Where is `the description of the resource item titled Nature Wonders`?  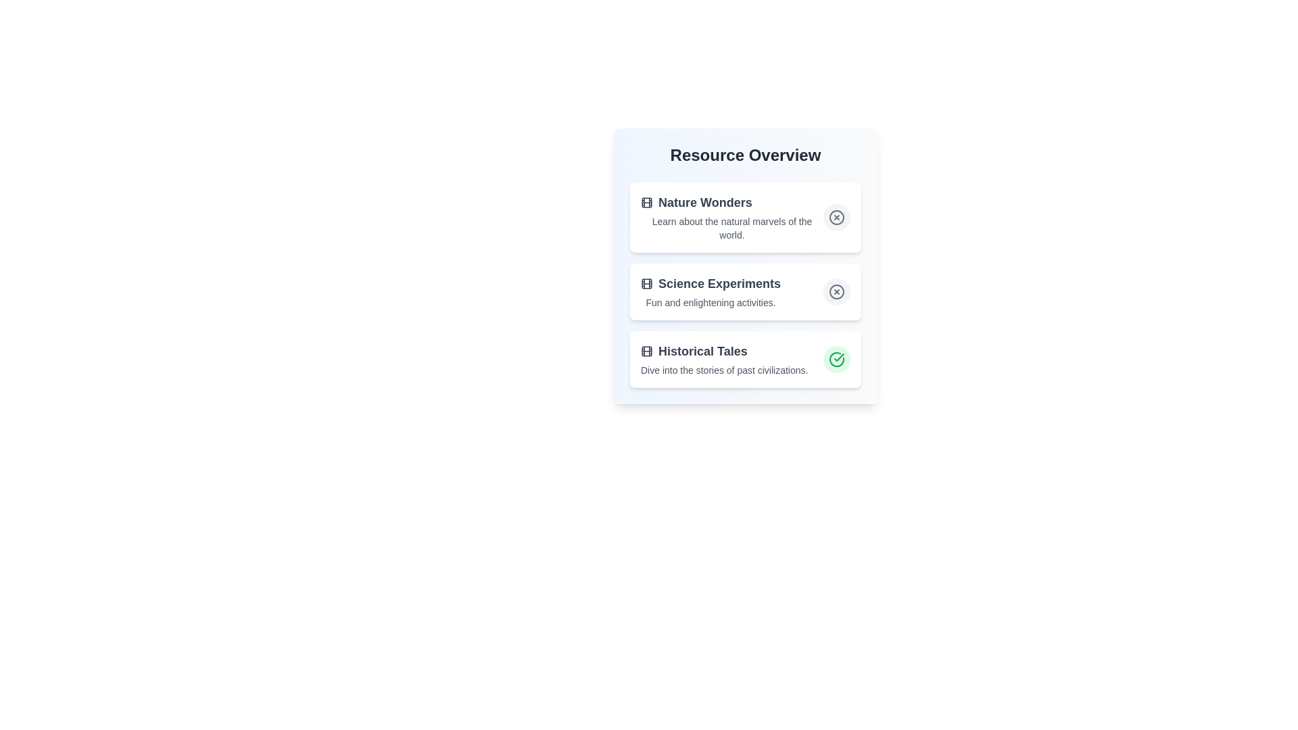 the description of the resource item titled Nature Wonders is located at coordinates (731, 216).